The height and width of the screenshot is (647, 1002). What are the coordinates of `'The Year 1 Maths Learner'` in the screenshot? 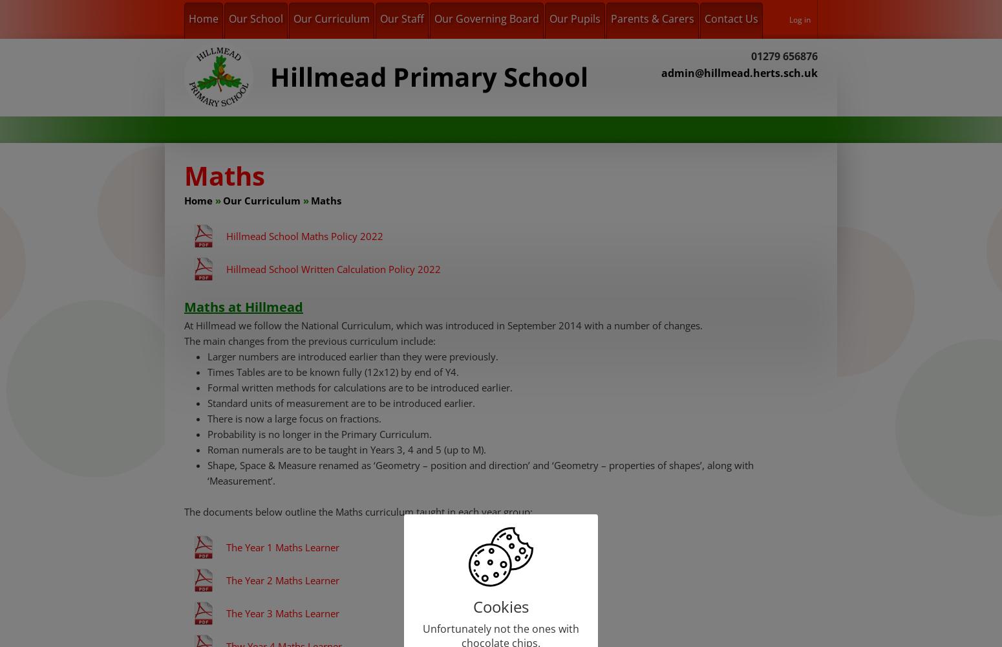 It's located at (282, 547).